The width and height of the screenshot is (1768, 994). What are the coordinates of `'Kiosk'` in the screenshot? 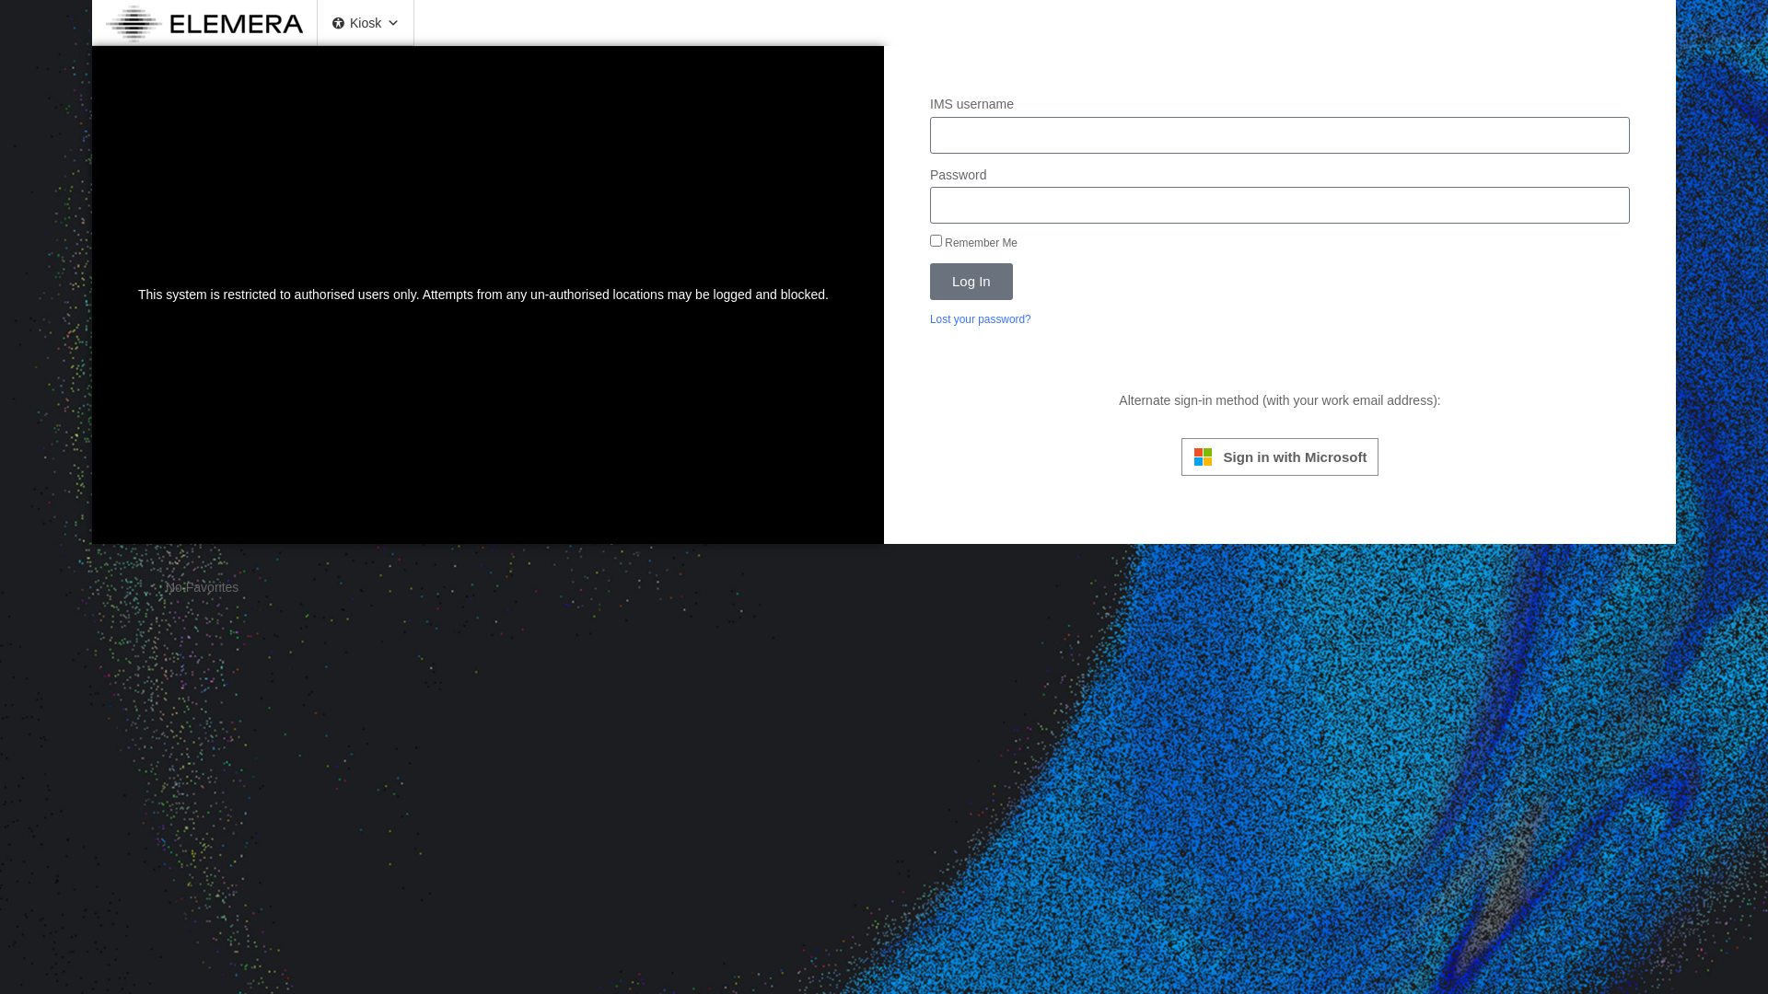 It's located at (318, 22).